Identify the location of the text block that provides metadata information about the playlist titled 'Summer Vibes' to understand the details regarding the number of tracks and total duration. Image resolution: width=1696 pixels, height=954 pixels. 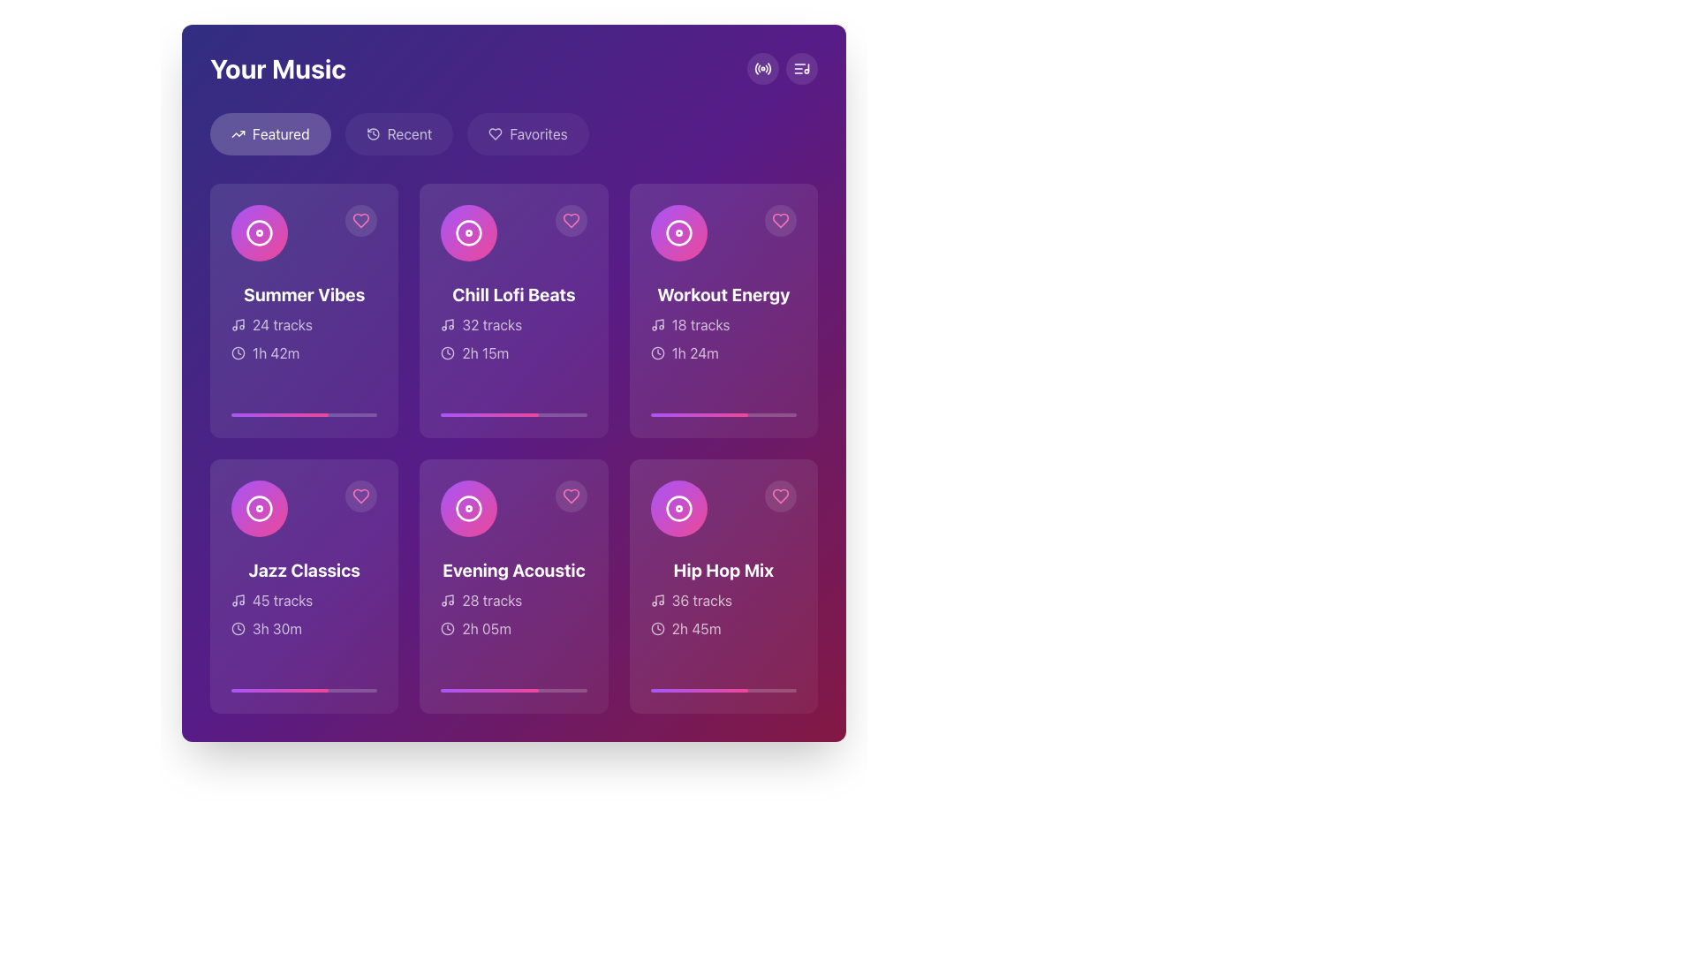
(304, 339).